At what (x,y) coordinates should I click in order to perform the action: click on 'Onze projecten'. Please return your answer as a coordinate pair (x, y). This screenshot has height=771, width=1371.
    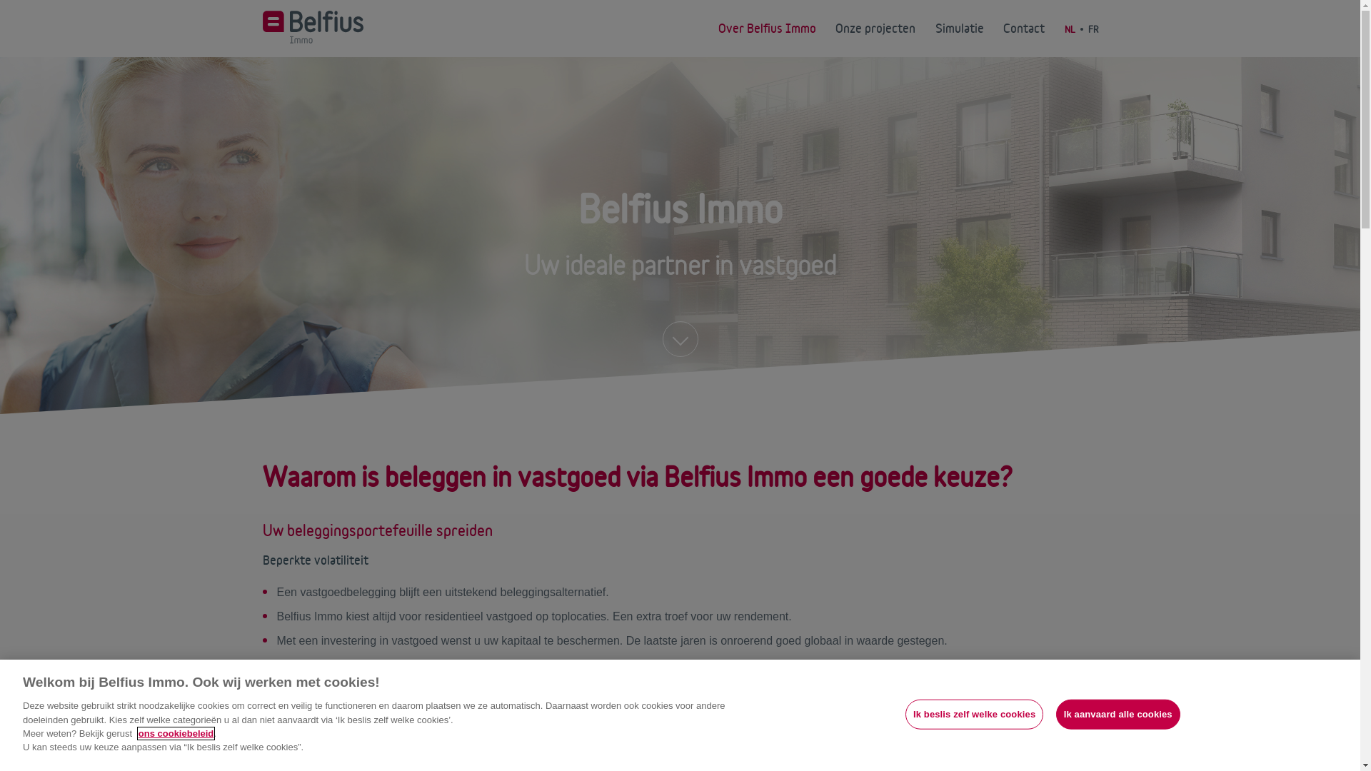
    Looking at the image, I should click on (874, 28).